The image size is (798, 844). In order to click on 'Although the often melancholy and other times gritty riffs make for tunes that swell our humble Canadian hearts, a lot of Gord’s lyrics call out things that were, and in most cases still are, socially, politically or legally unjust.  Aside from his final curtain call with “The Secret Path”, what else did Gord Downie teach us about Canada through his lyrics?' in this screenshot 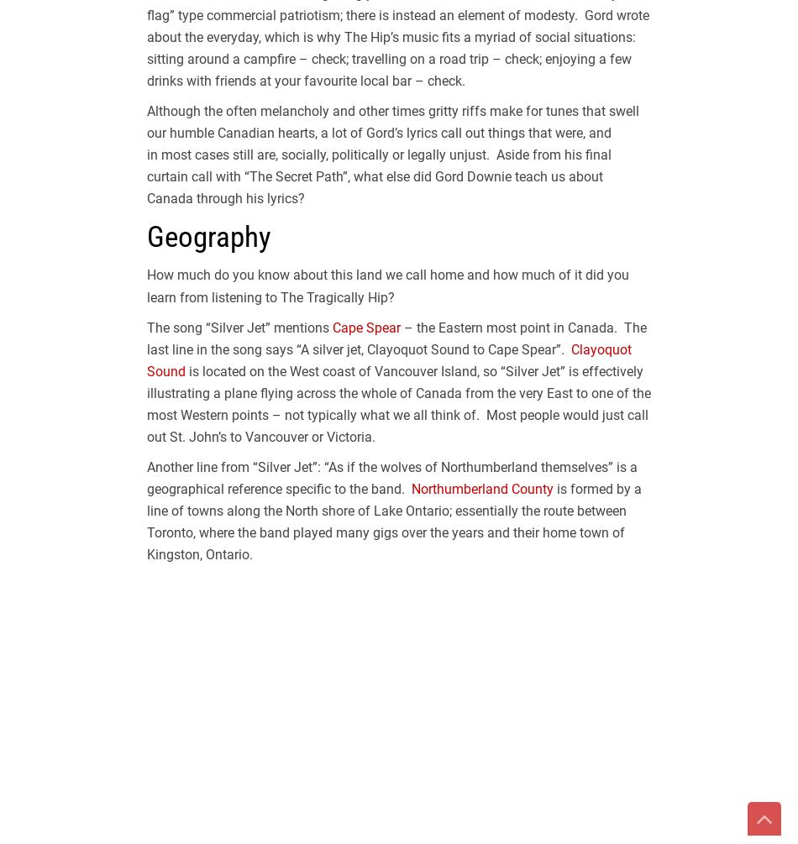, I will do `click(146, 154)`.